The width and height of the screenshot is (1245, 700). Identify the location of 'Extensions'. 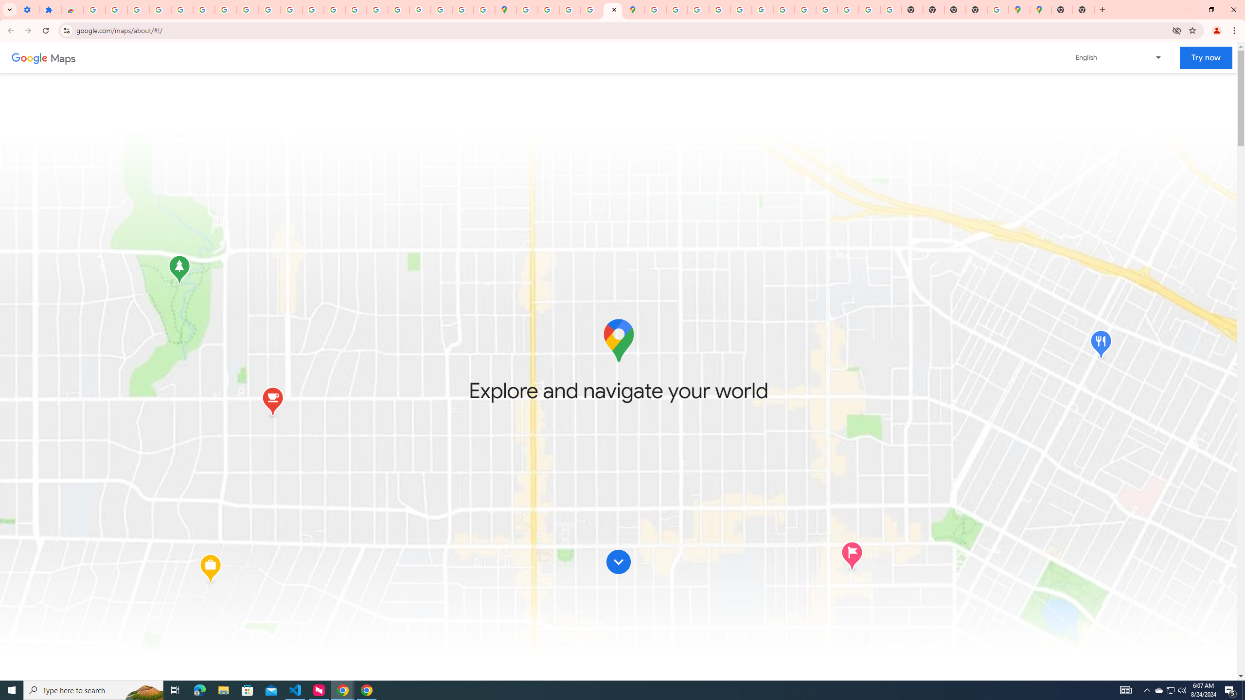
(50, 9).